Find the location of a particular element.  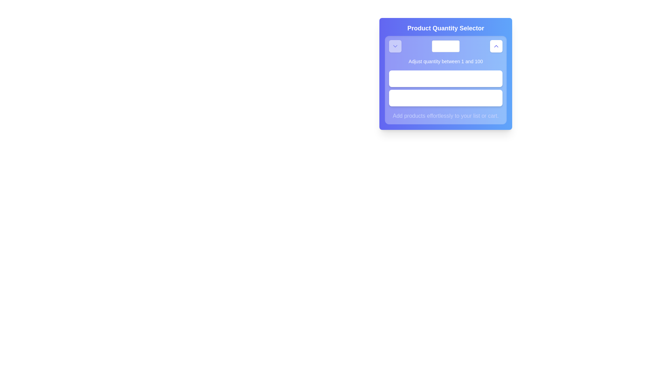

the quantity is located at coordinates (443, 78).